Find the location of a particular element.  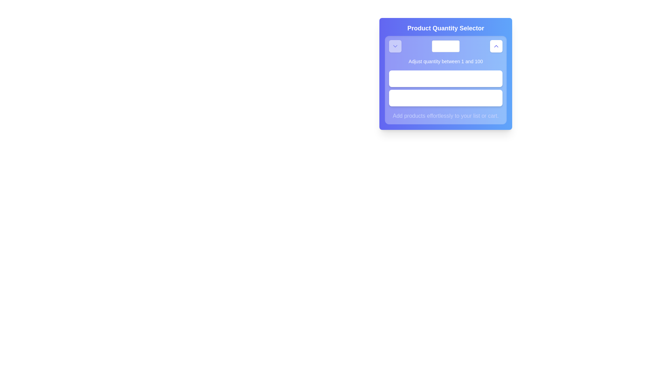

the quantity is located at coordinates (443, 78).